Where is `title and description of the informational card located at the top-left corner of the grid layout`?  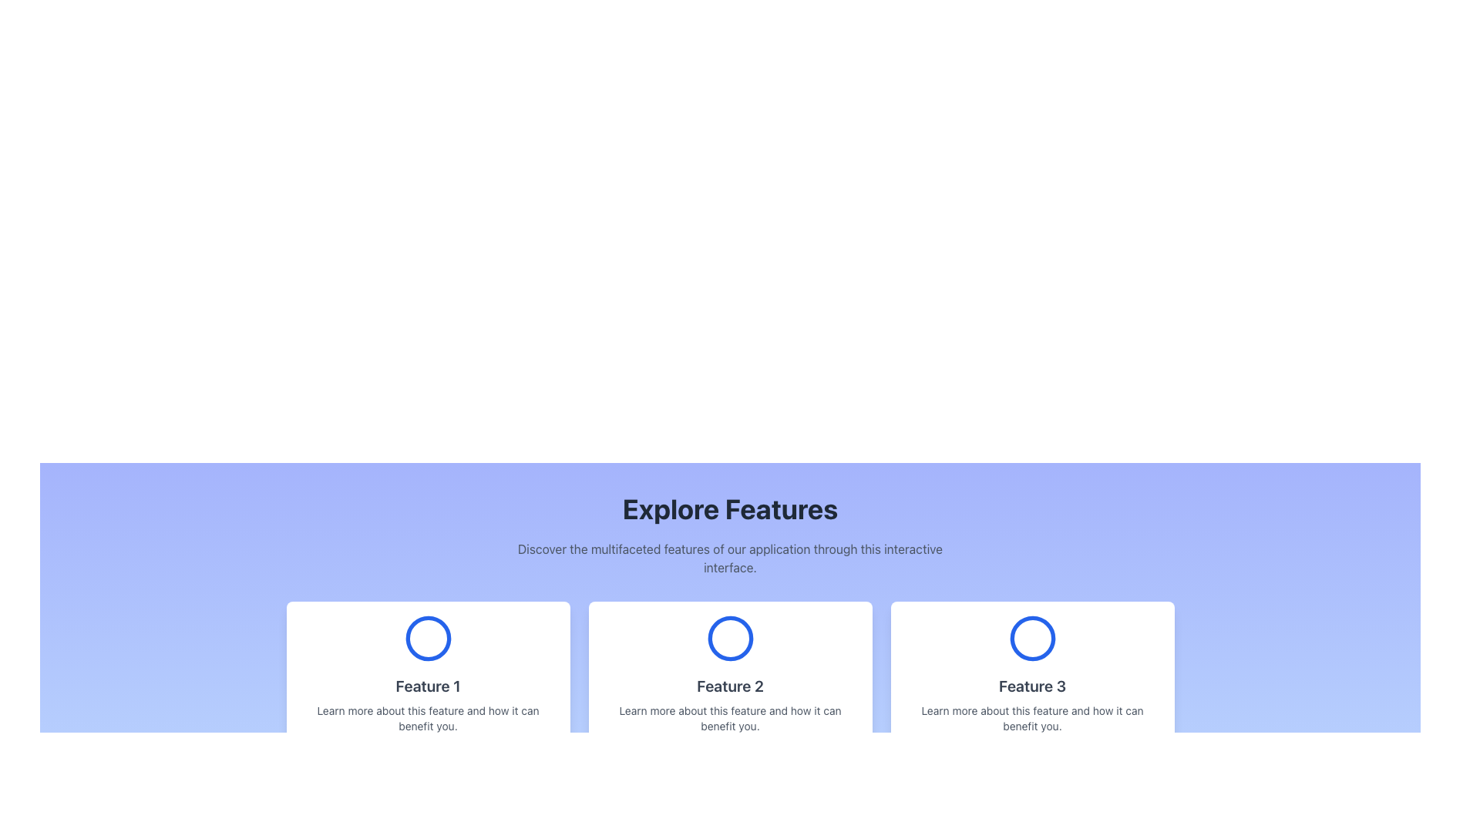 title and description of the informational card located at the top-left corner of the grid layout is located at coordinates (428, 688).